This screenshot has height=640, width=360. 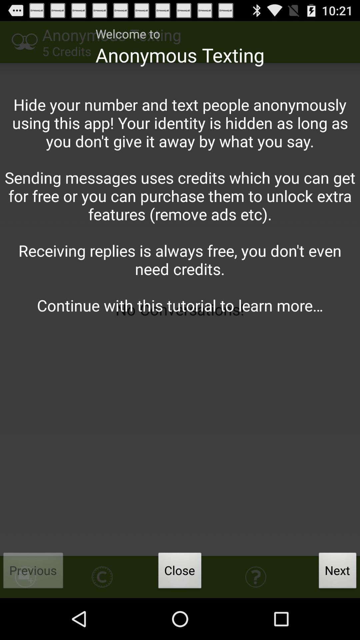 I want to click on app below hide your number icon, so click(x=338, y=572).